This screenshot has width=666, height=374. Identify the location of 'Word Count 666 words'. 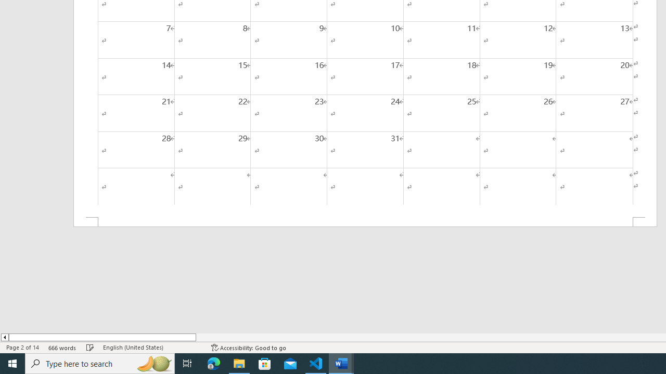
(62, 348).